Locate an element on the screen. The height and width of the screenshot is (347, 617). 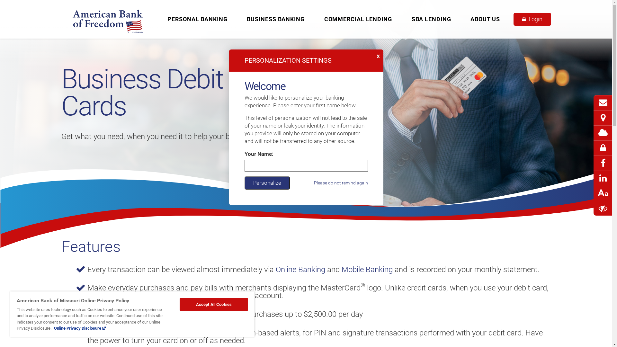
'Secure File Transfer' is located at coordinates (603, 151).